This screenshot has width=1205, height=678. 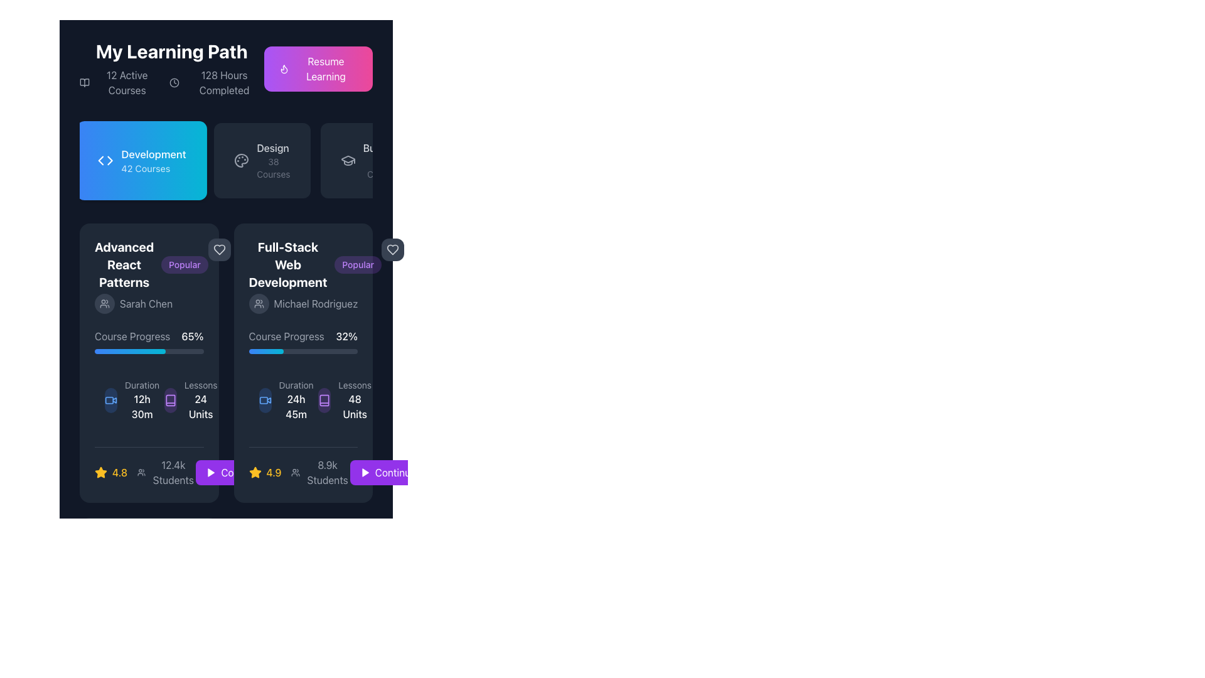 What do you see at coordinates (354, 384) in the screenshot?
I see `the Text label that describes the associated unit count '48 Units' within the 'Full-Stack Web Development' card, located distinctly in the bottom section of the card` at bounding box center [354, 384].